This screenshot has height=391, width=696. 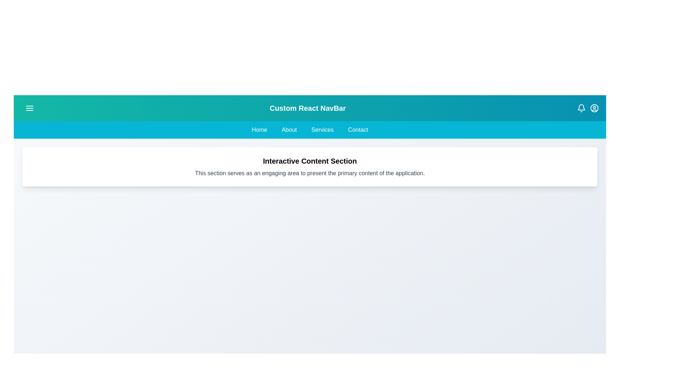 I want to click on the hamburger icon to toggle the navigation menu visibility, so click(x=29, y=108).